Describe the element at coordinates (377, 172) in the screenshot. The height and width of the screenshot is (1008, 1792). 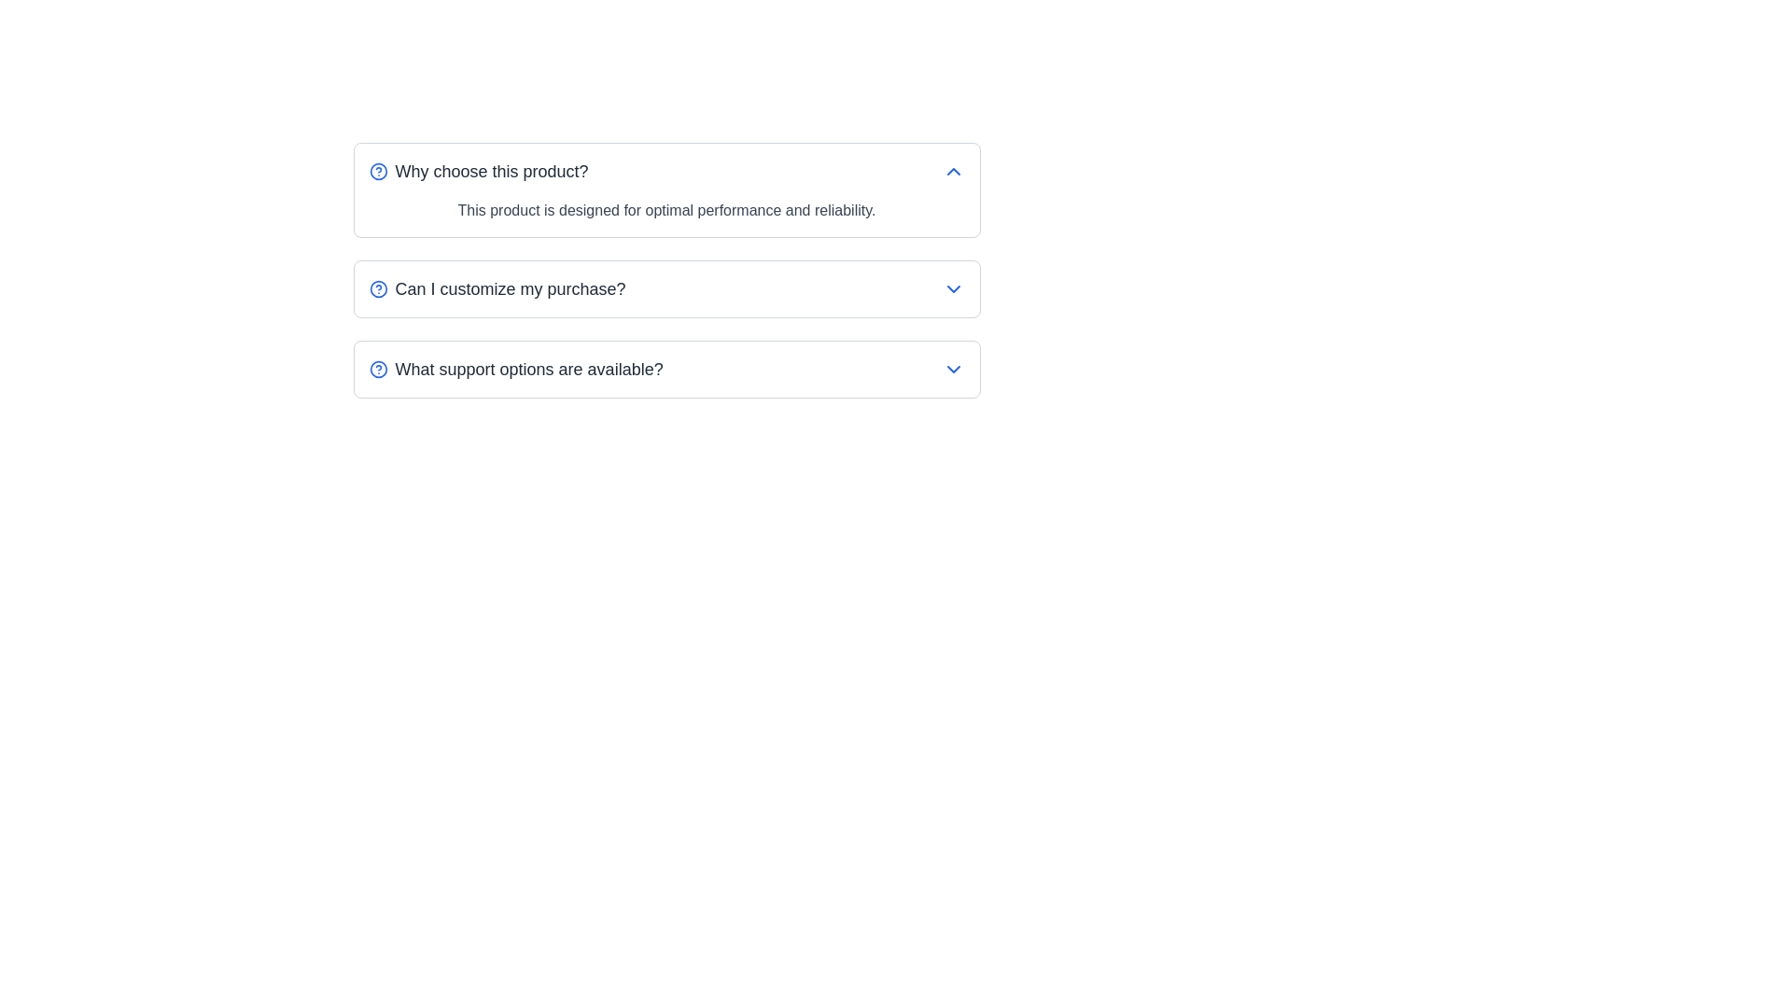
I see `the blue outlined circular SVG element that is part of the help icon next to the question 'Why choose this product?'` at that location.